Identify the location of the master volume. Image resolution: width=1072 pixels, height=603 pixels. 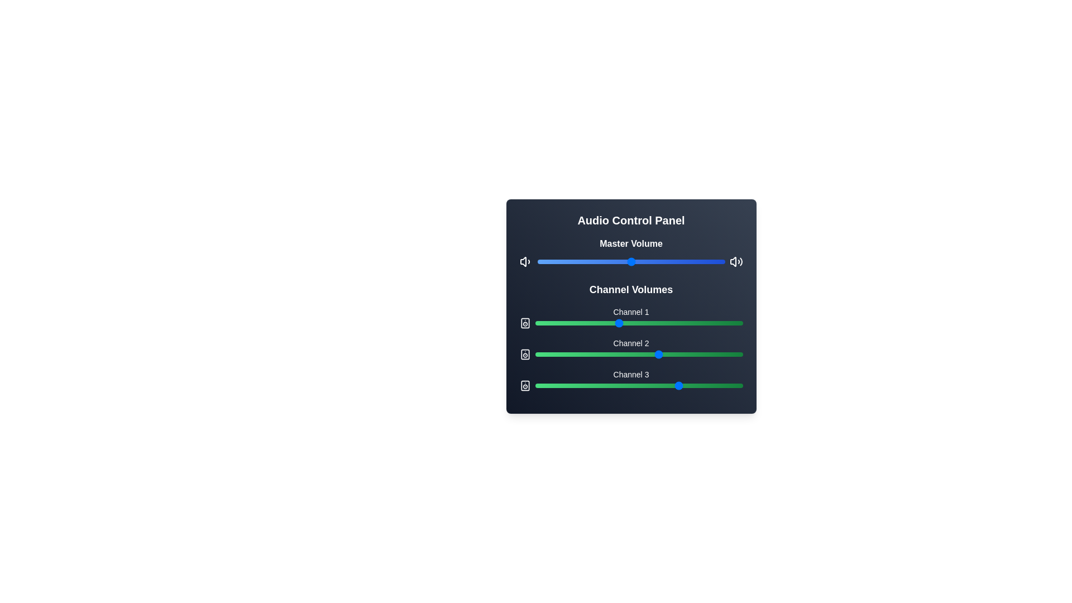
(569, 262).